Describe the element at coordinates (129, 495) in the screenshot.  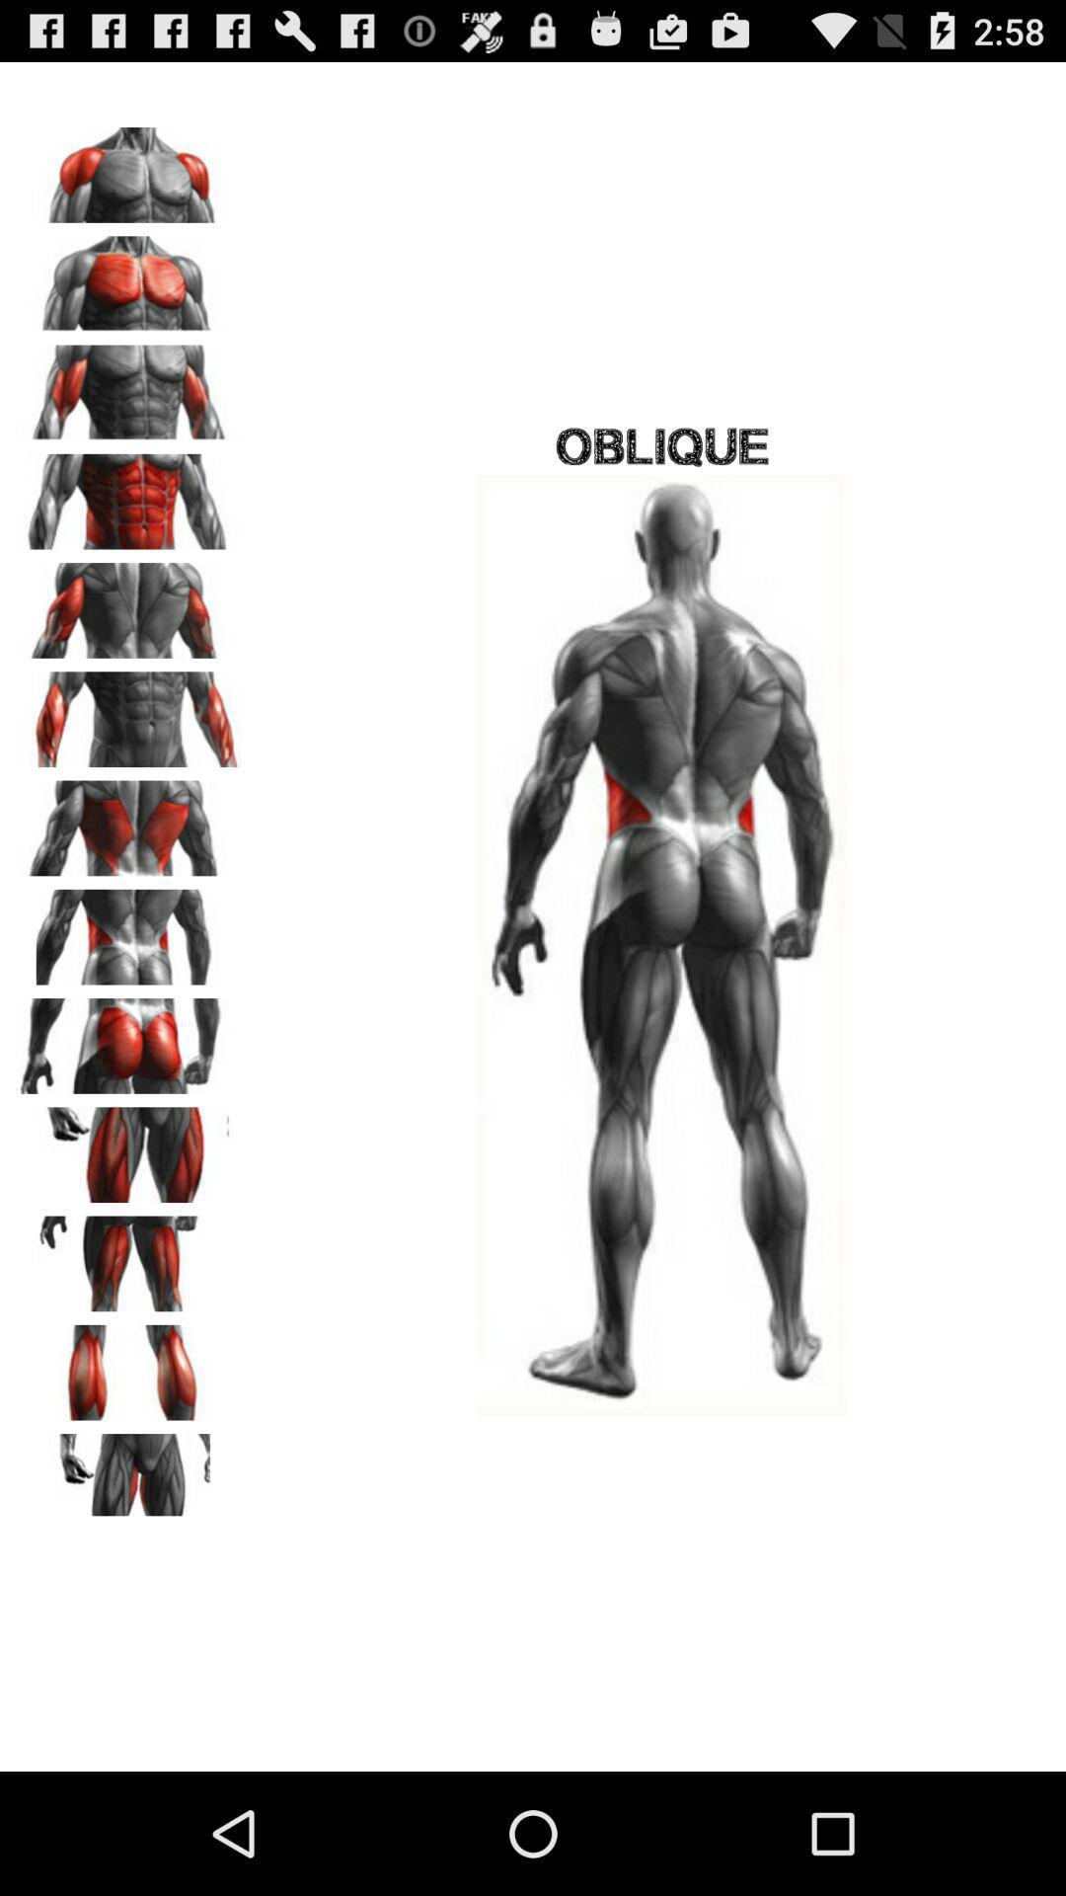
I see `display abdominals` at that location.